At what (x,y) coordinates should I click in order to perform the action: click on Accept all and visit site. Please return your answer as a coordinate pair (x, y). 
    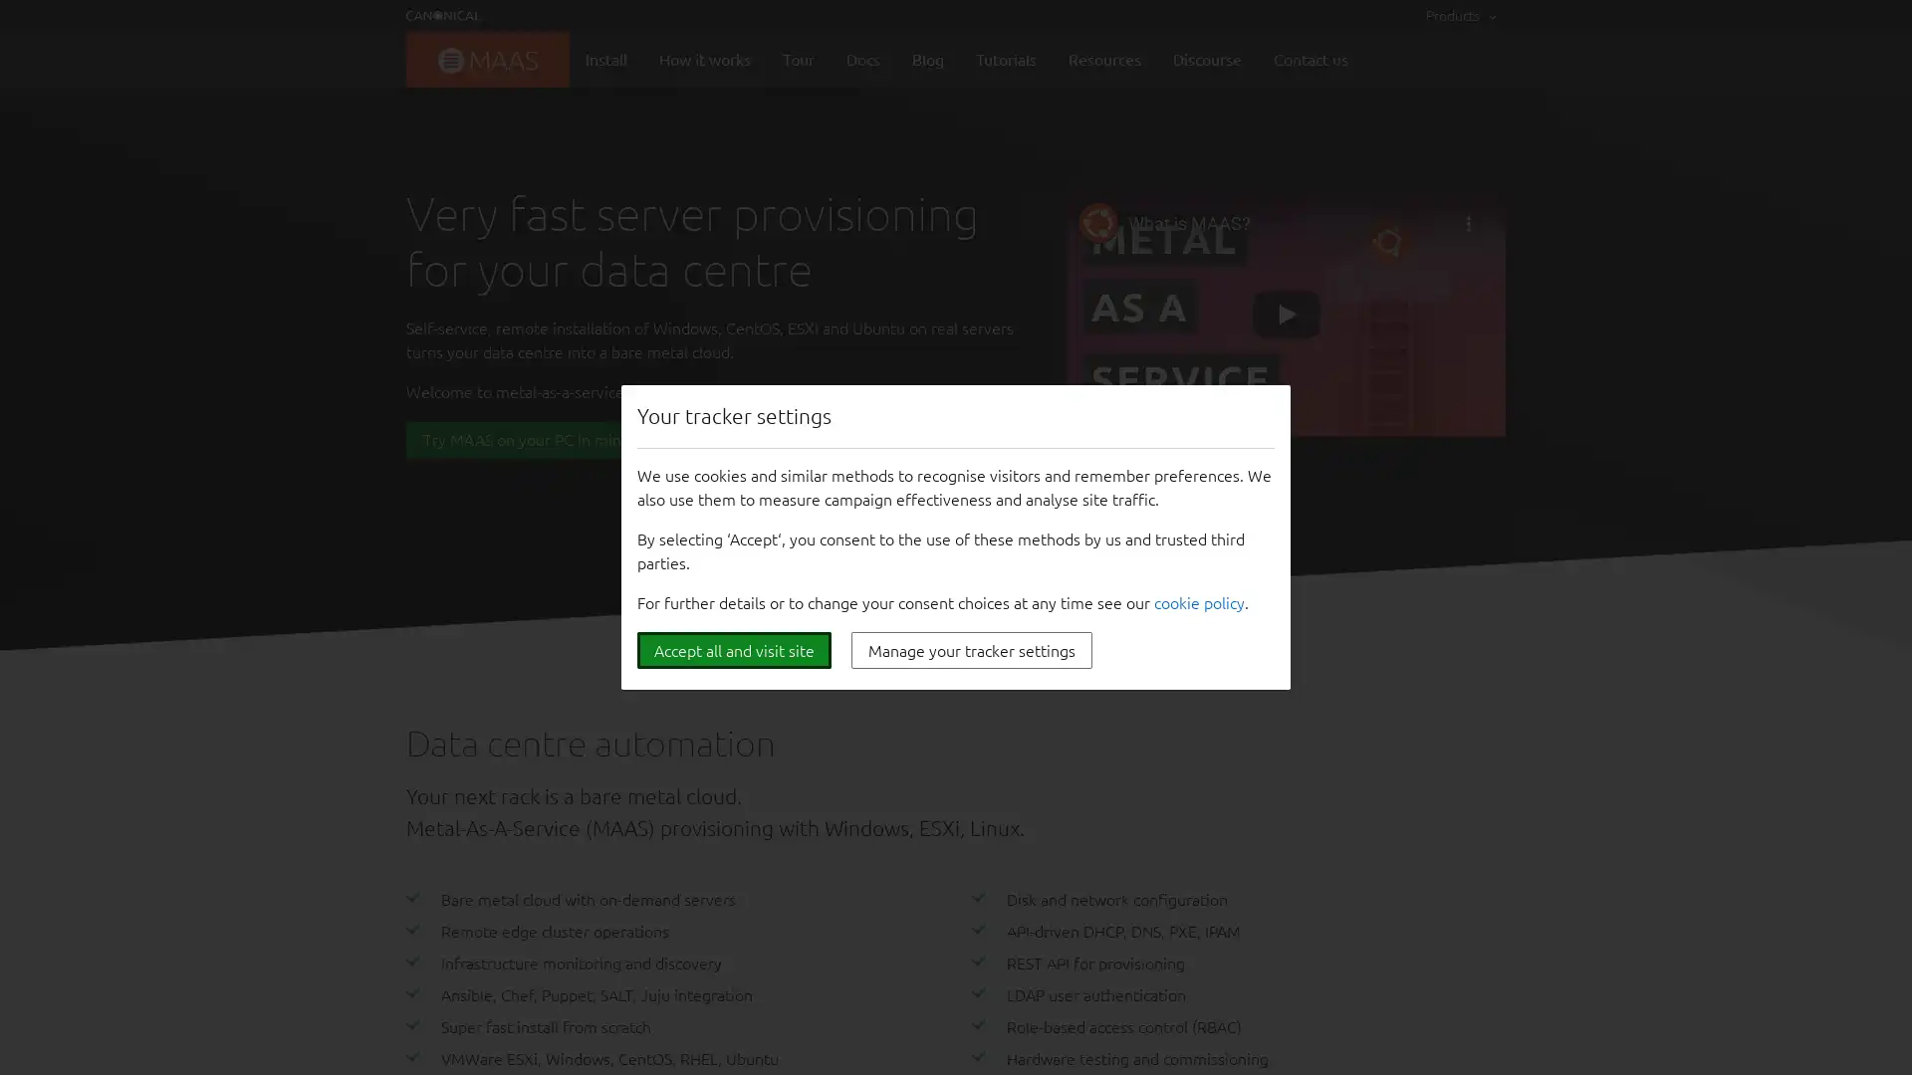
    Looking at the image, I should click on (733, 650).